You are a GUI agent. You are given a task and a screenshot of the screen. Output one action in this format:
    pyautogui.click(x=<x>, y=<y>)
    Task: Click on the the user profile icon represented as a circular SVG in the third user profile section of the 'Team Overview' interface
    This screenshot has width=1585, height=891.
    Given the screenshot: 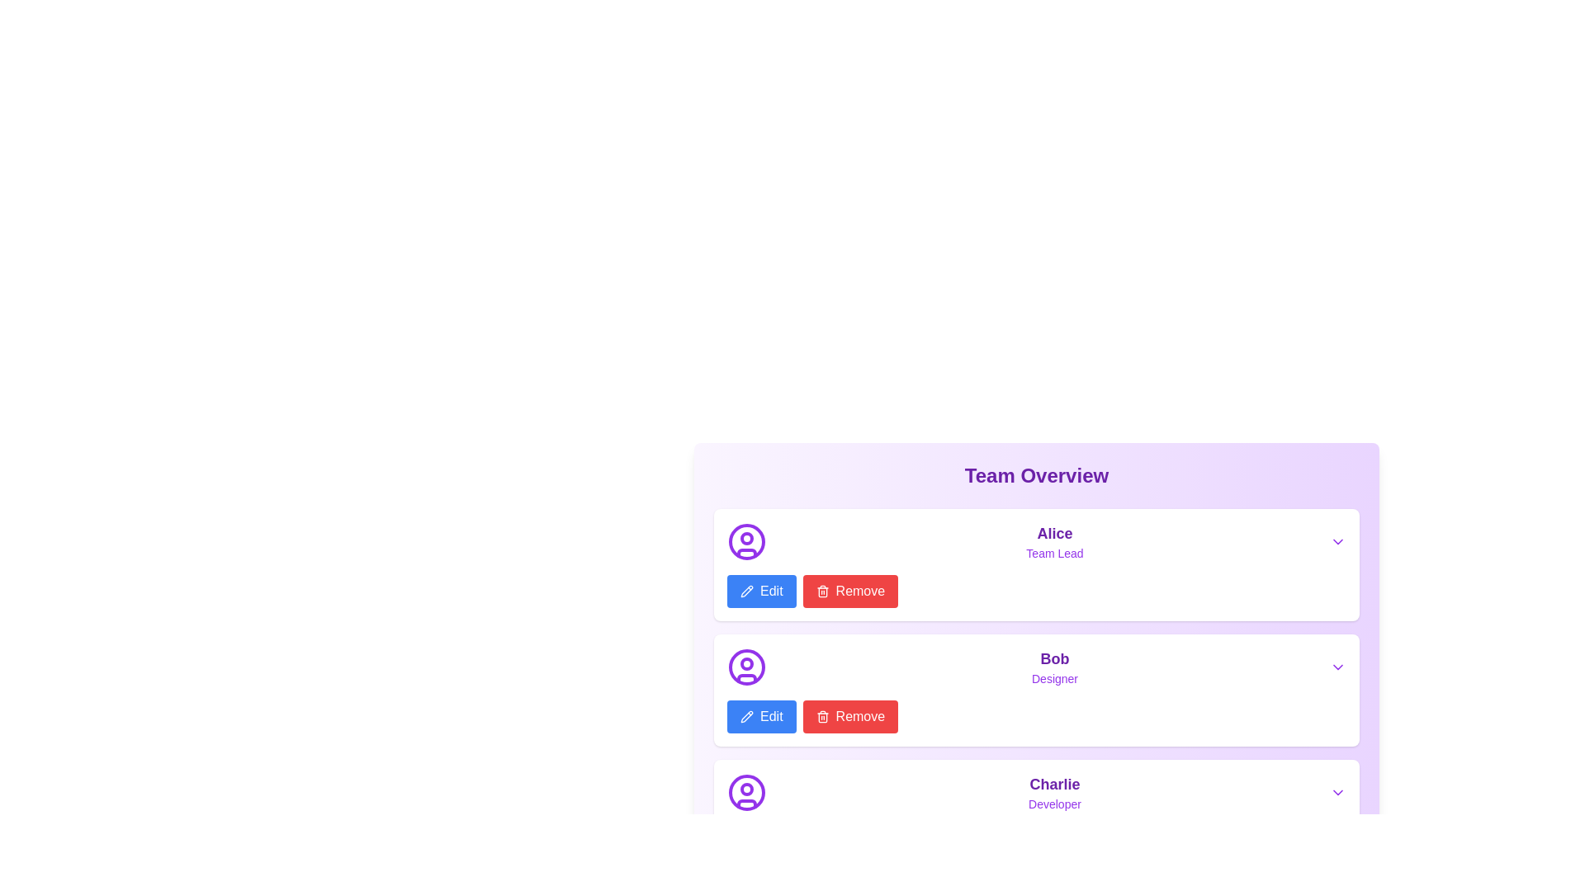 What is the action you would take?
    pyautogui.click(x=746, y=791)
    